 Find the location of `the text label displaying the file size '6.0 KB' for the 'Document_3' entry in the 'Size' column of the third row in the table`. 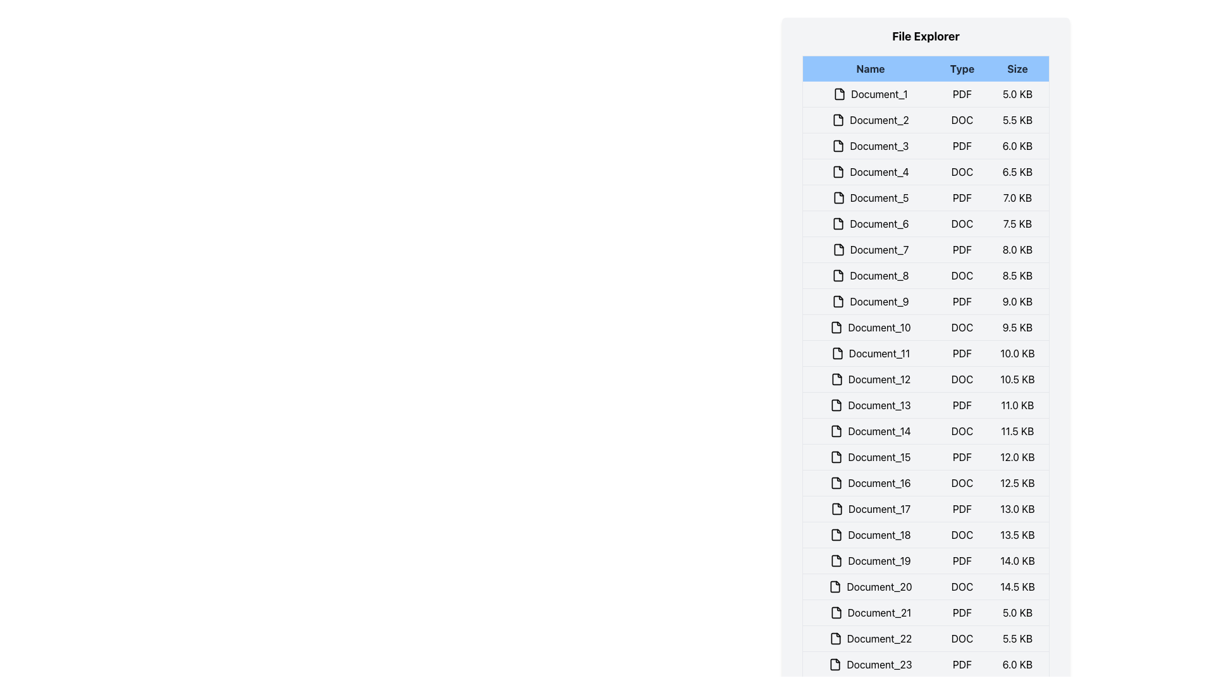

the text label displaying the file size '6.0 KB' for the 'Document_3' entry in the 'Size' column of the third row in the table is located at coordinates (1017, 145).